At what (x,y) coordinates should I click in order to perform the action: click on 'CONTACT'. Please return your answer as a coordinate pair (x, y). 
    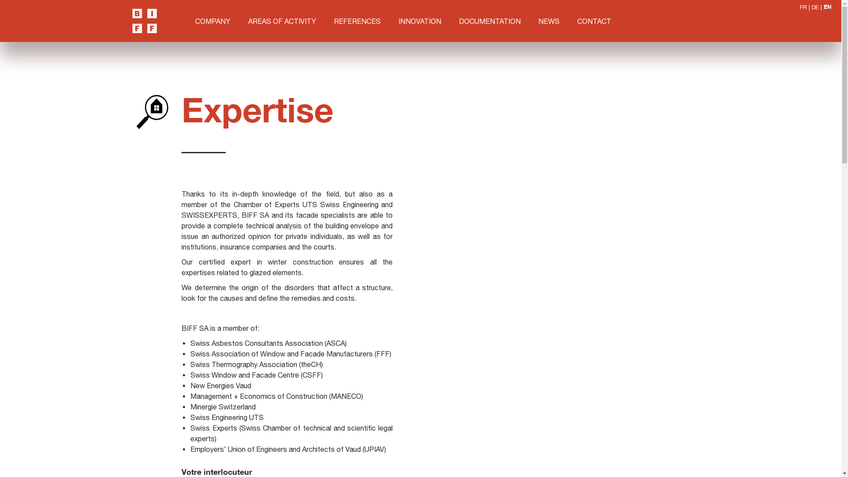
    Looking at the image, I should click on (594, 20).